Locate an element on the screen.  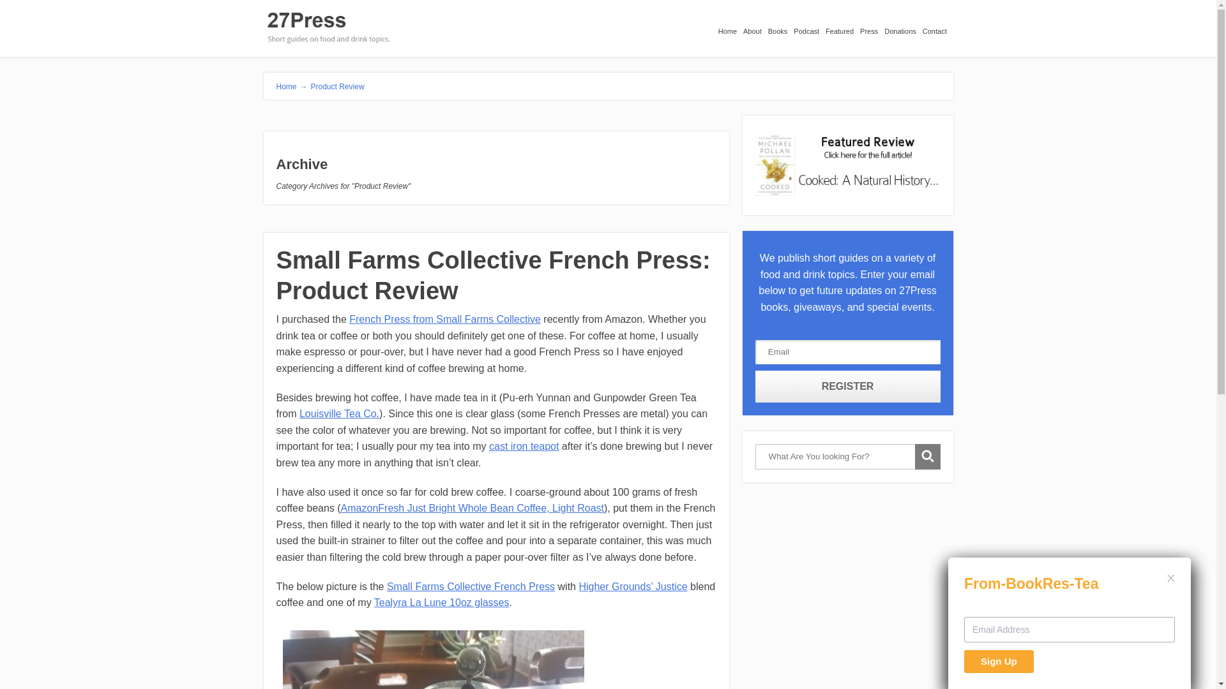
'Books' is located at coordinates (780, 27).